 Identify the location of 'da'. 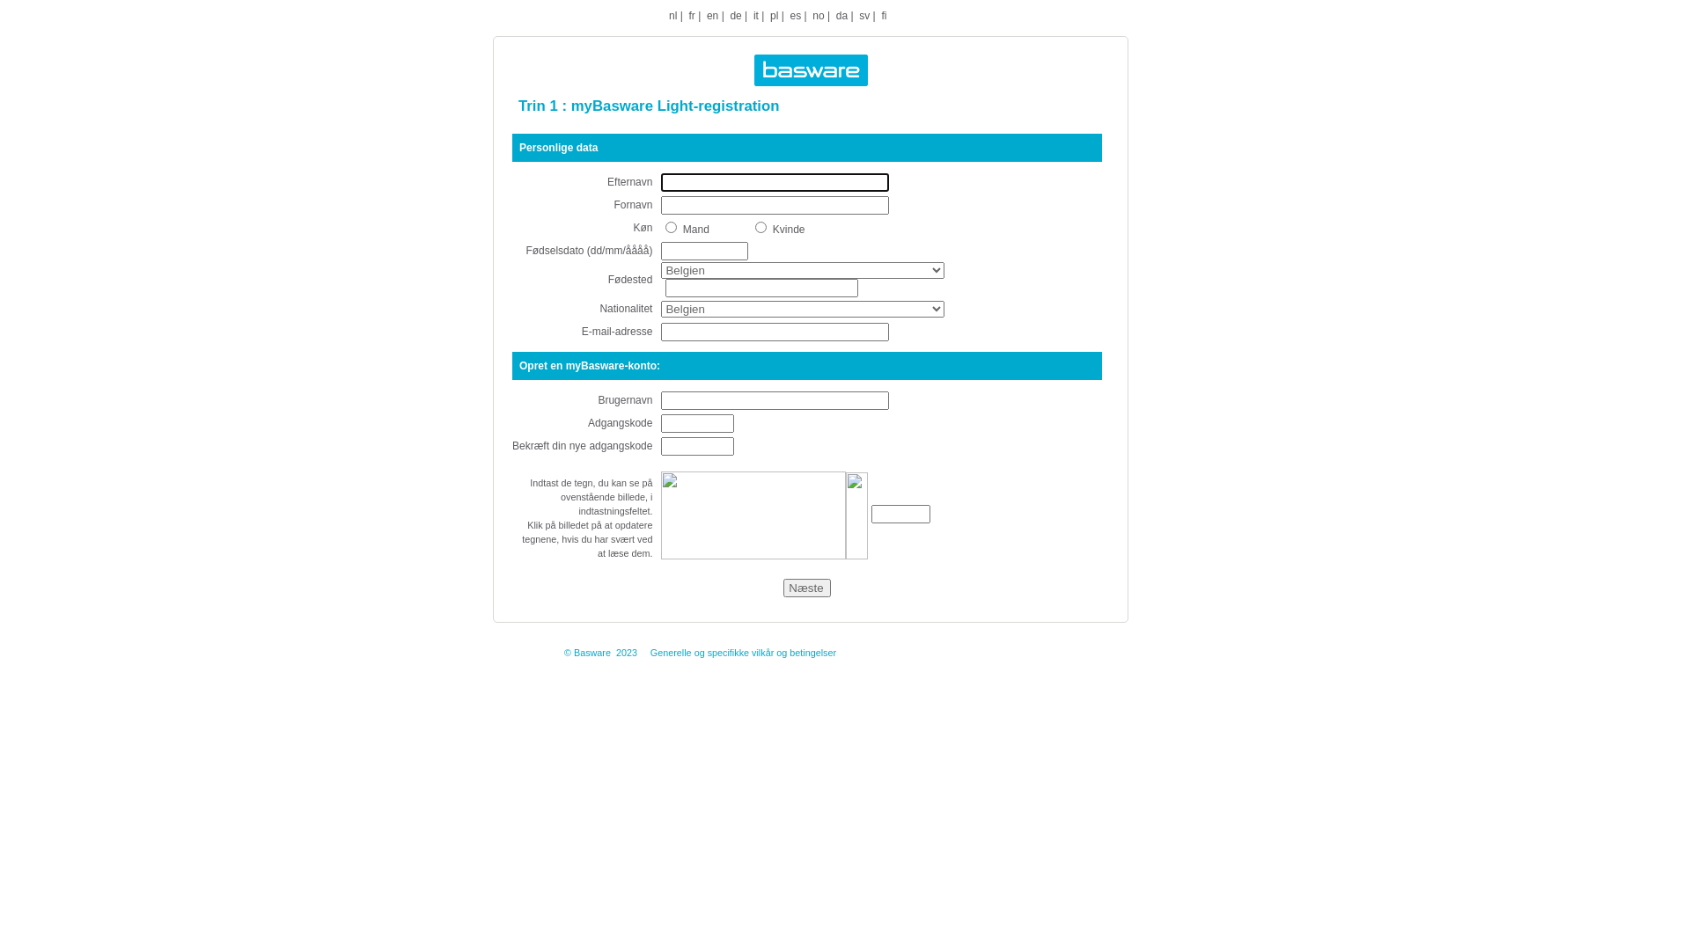
(841, 16).